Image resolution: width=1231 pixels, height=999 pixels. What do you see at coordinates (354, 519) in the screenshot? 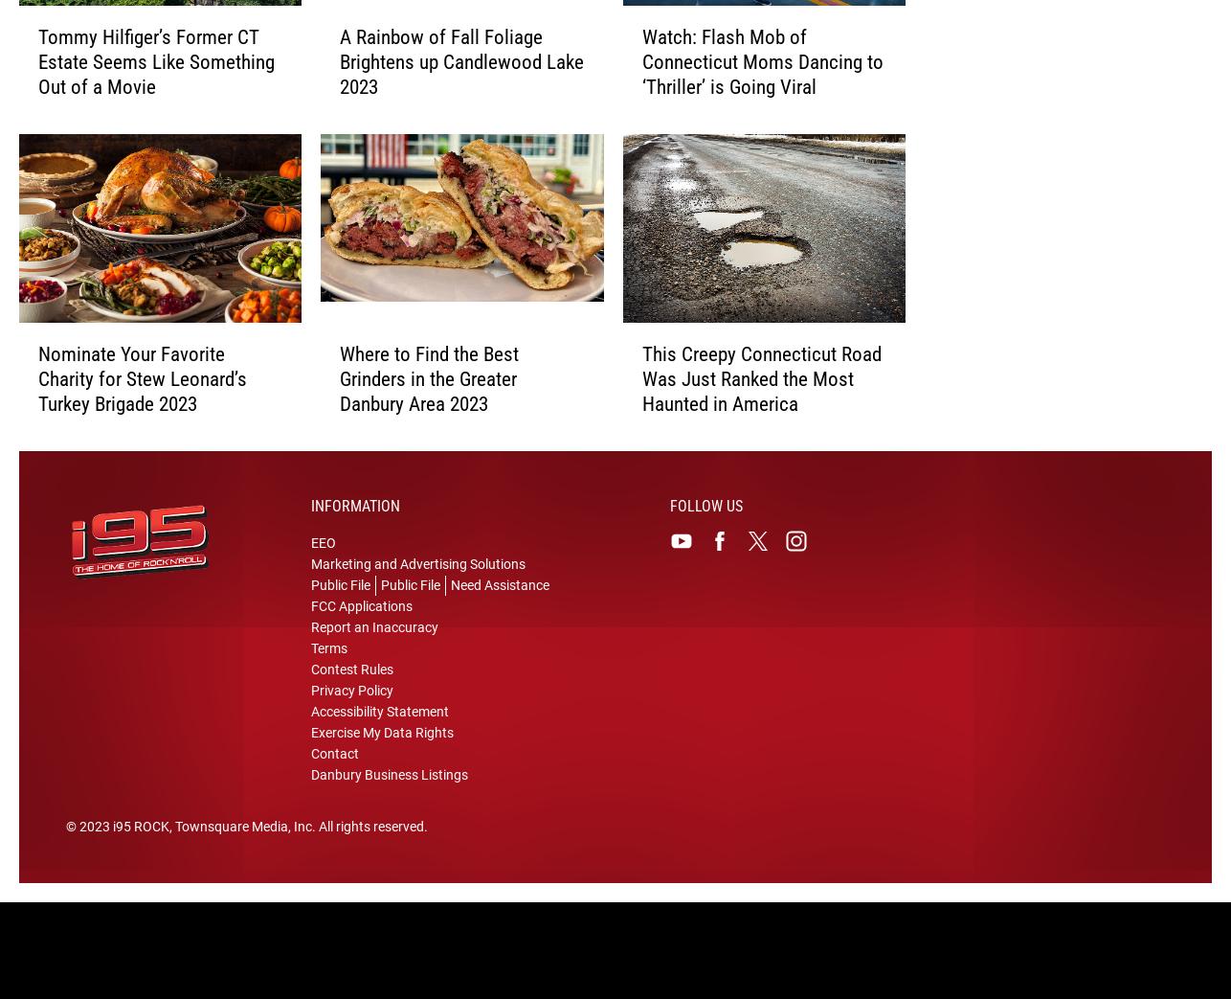
I see `'Information'` at bounding box center [354, 519].